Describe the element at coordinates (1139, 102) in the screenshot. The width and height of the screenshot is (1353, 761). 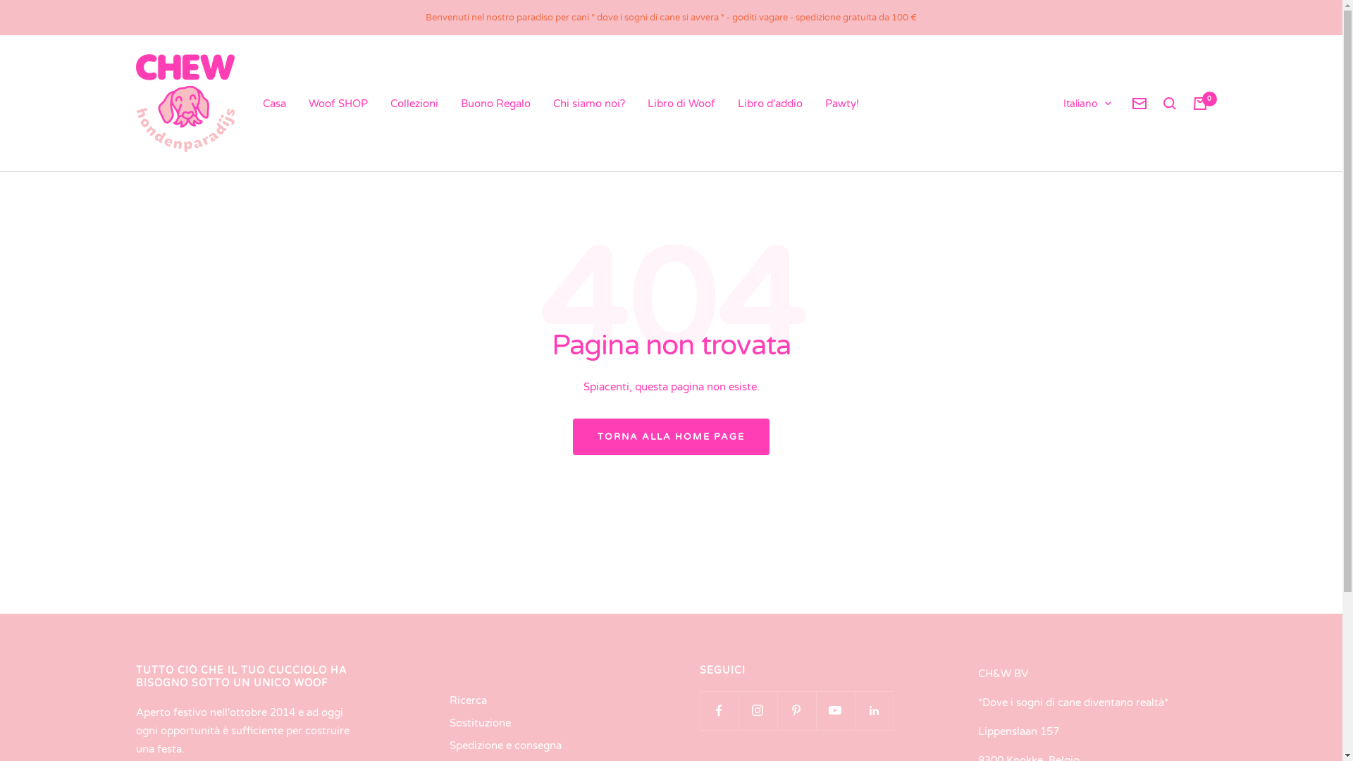
I see `'Newsletter'` at that location.